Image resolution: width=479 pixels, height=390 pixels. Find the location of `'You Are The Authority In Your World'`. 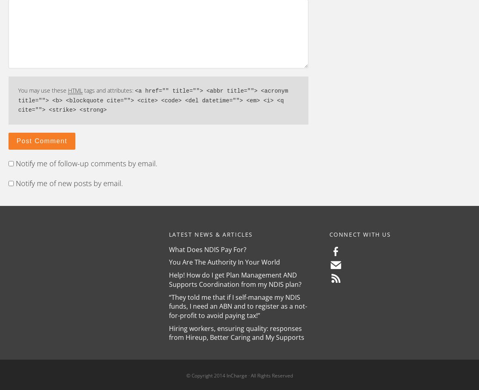

'You Are The Authority In Your World' is located at coordinates (224, 262).